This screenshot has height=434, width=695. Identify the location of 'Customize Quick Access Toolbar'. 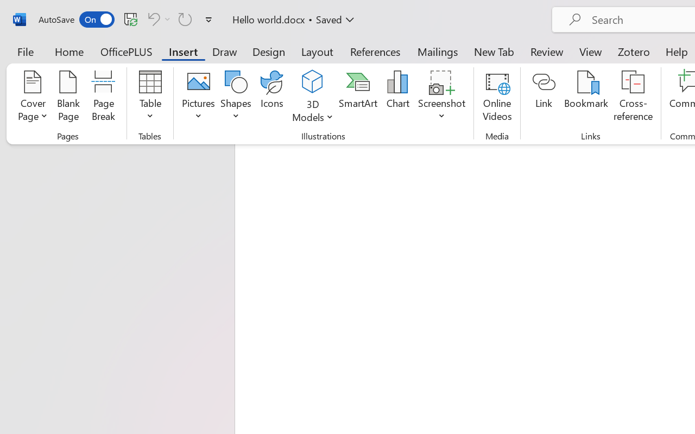
(208, 19).